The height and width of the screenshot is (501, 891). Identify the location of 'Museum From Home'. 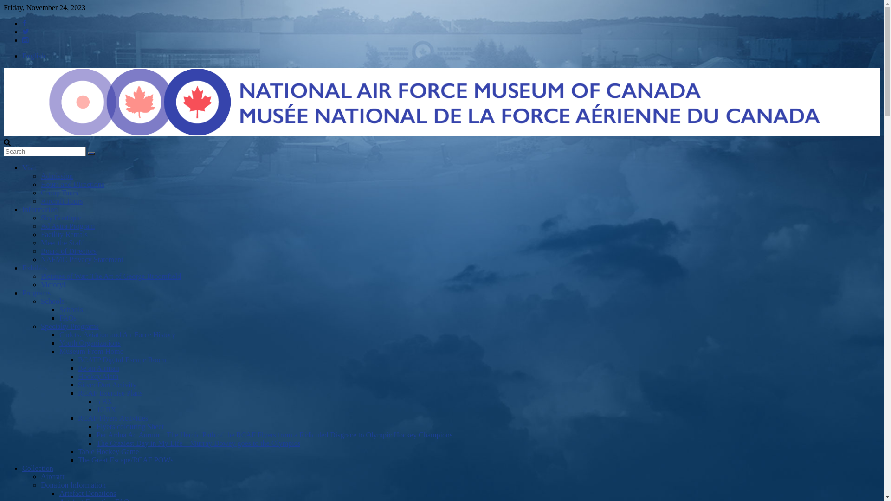
(91, 351).